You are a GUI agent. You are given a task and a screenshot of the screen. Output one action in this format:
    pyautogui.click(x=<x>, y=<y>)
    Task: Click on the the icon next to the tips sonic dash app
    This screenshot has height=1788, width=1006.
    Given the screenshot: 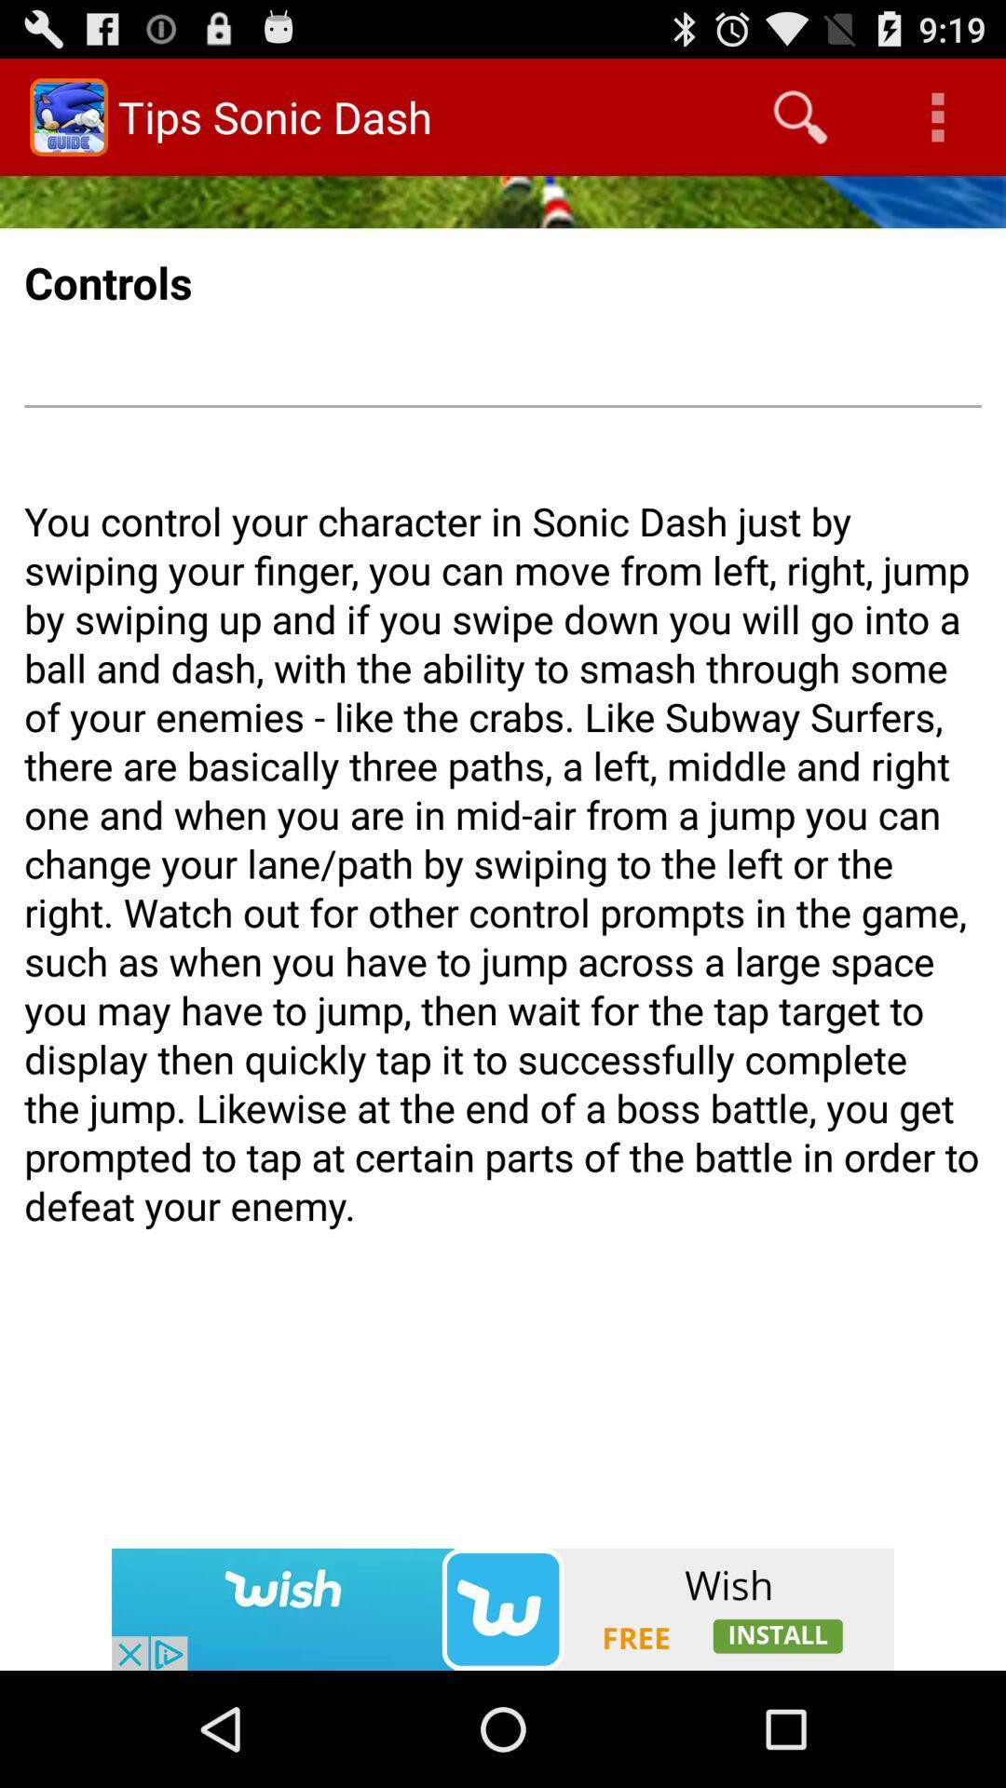 What is the action you would take?
    pyautogui.click(x=799, y=115)
    